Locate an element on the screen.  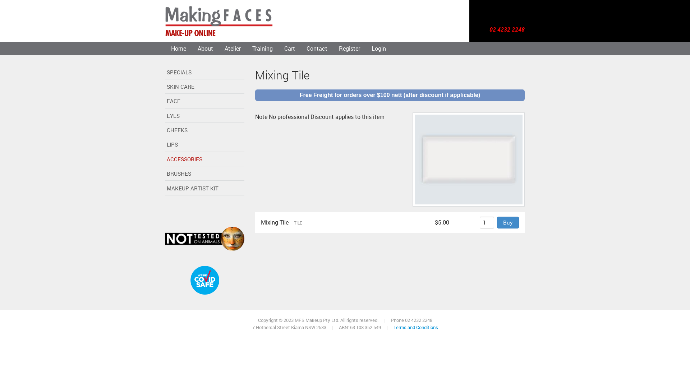
'EYES' is located at coordinates (204, 116).